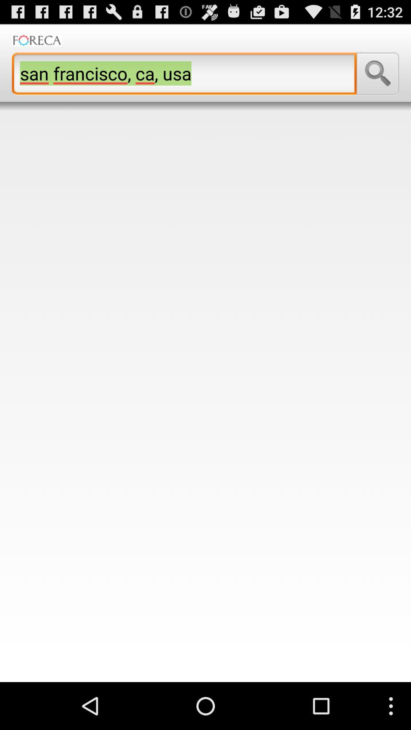  What do you see at coordinates (378, 73) in the screenshot?
I see `search` at bounding box center [378, 73].